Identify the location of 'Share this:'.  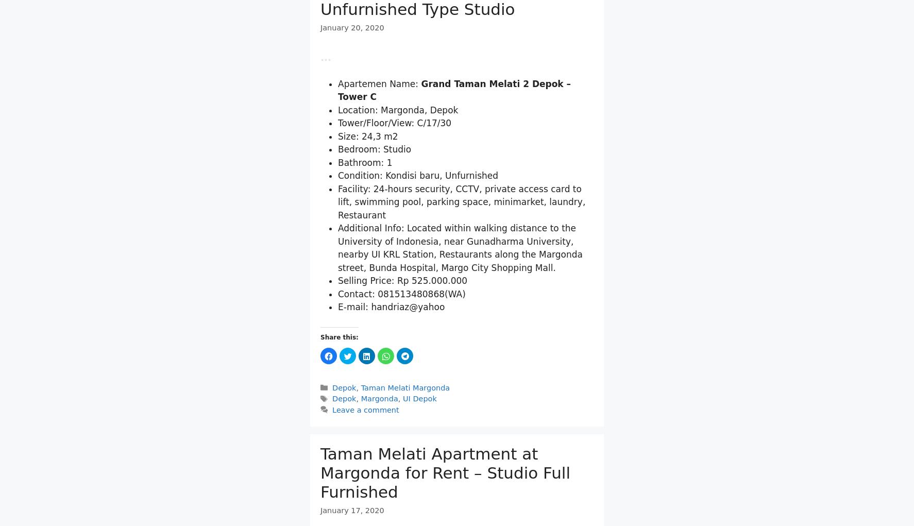
(319, 391).